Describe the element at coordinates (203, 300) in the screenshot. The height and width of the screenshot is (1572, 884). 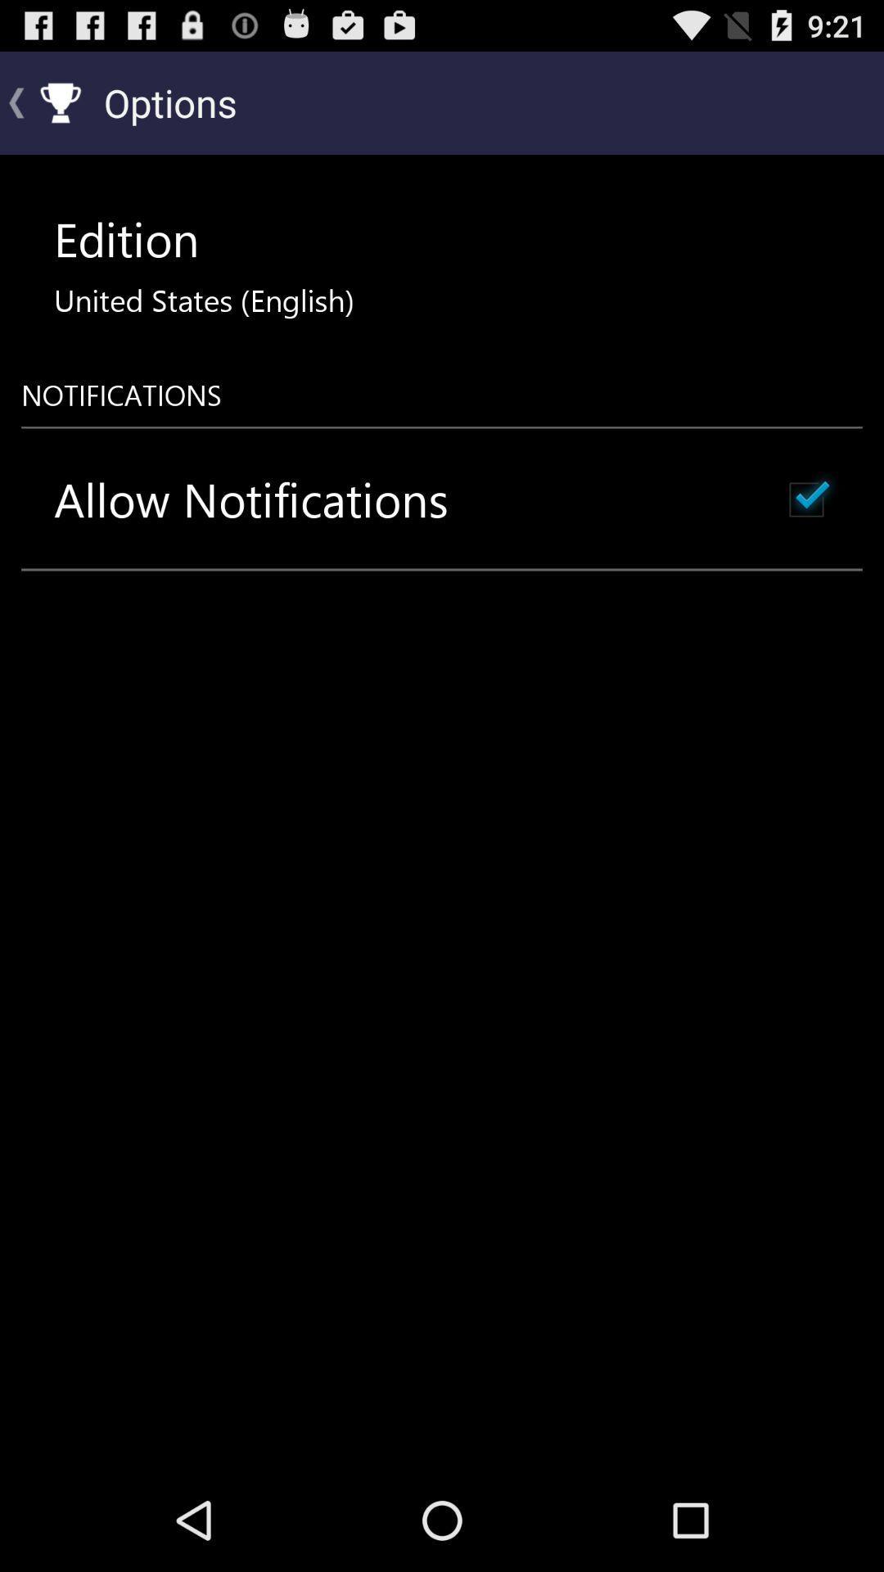
I see `icon above notifications icon` at that location.